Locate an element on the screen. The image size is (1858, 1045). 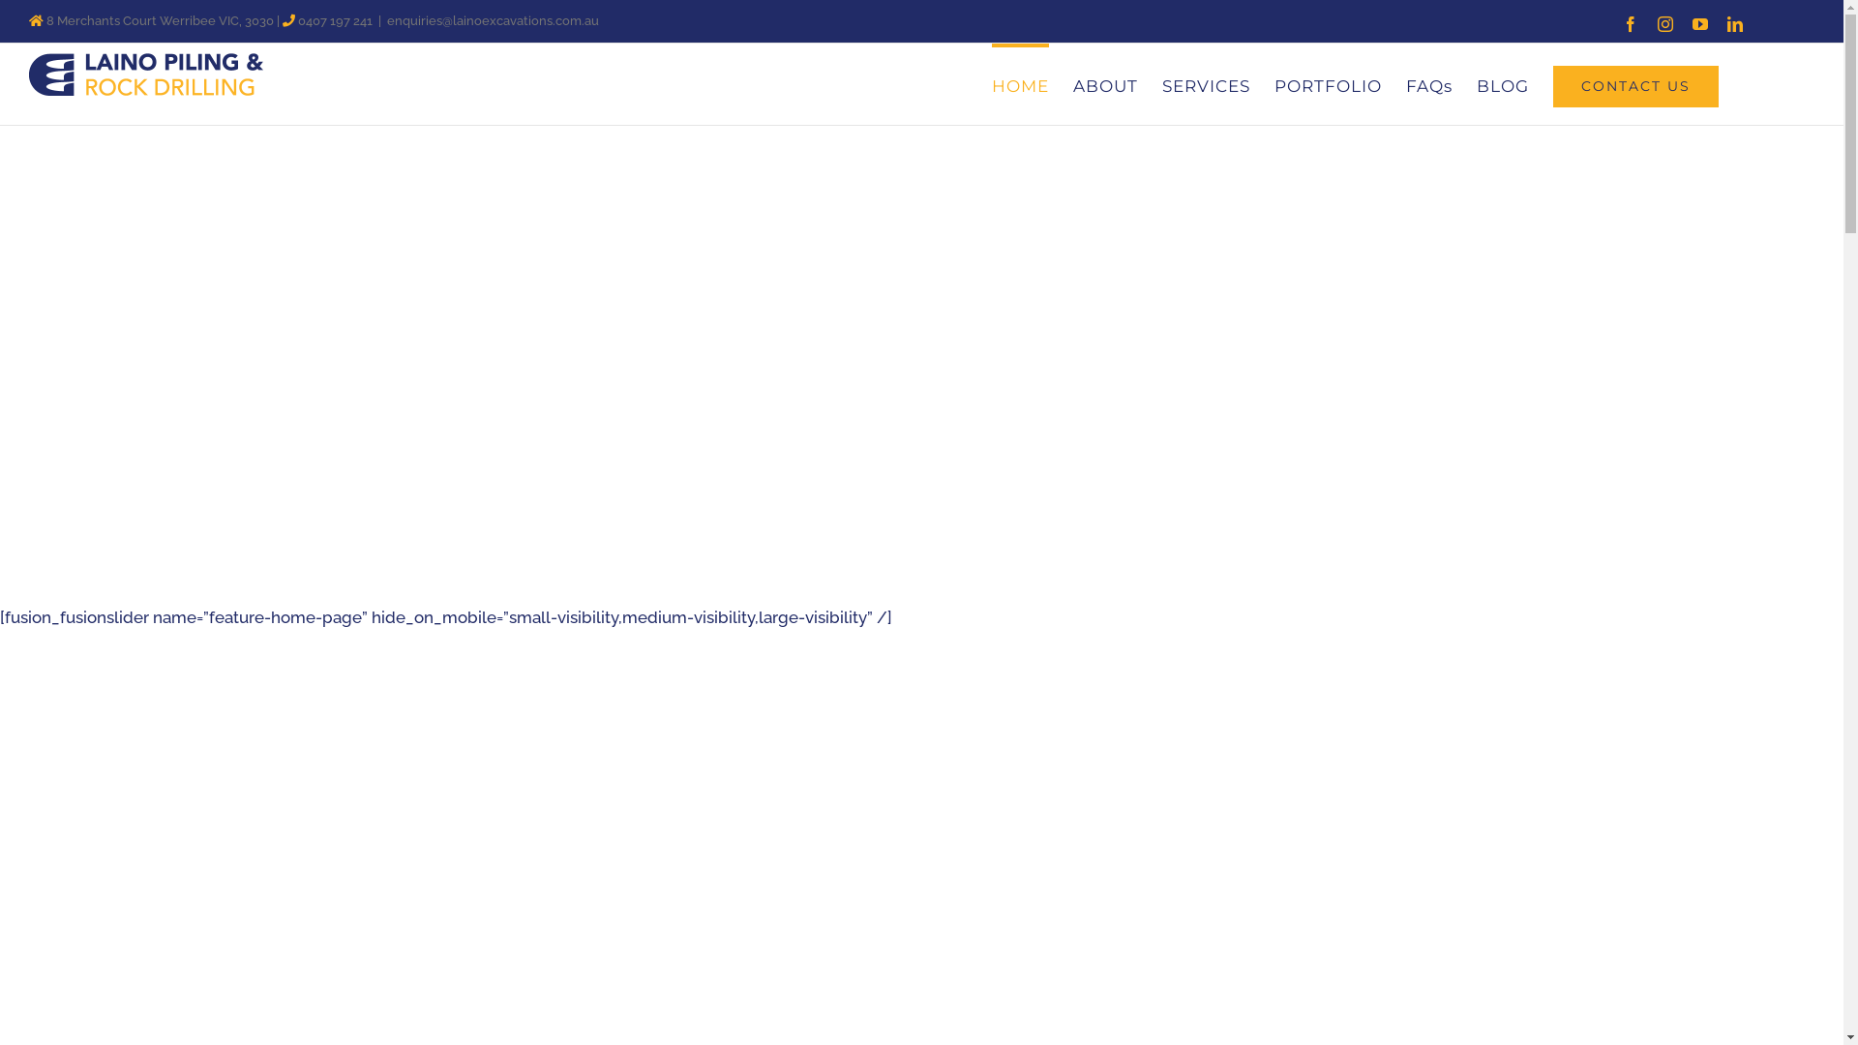
'0407 197 241' is located at coordinates (335, 20).